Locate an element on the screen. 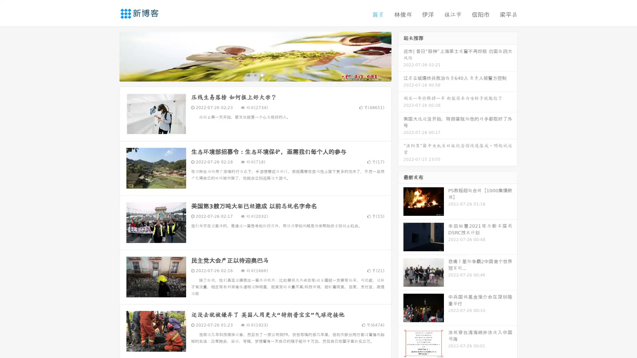  Go to slide 1 is located at coordinates (248, 75).